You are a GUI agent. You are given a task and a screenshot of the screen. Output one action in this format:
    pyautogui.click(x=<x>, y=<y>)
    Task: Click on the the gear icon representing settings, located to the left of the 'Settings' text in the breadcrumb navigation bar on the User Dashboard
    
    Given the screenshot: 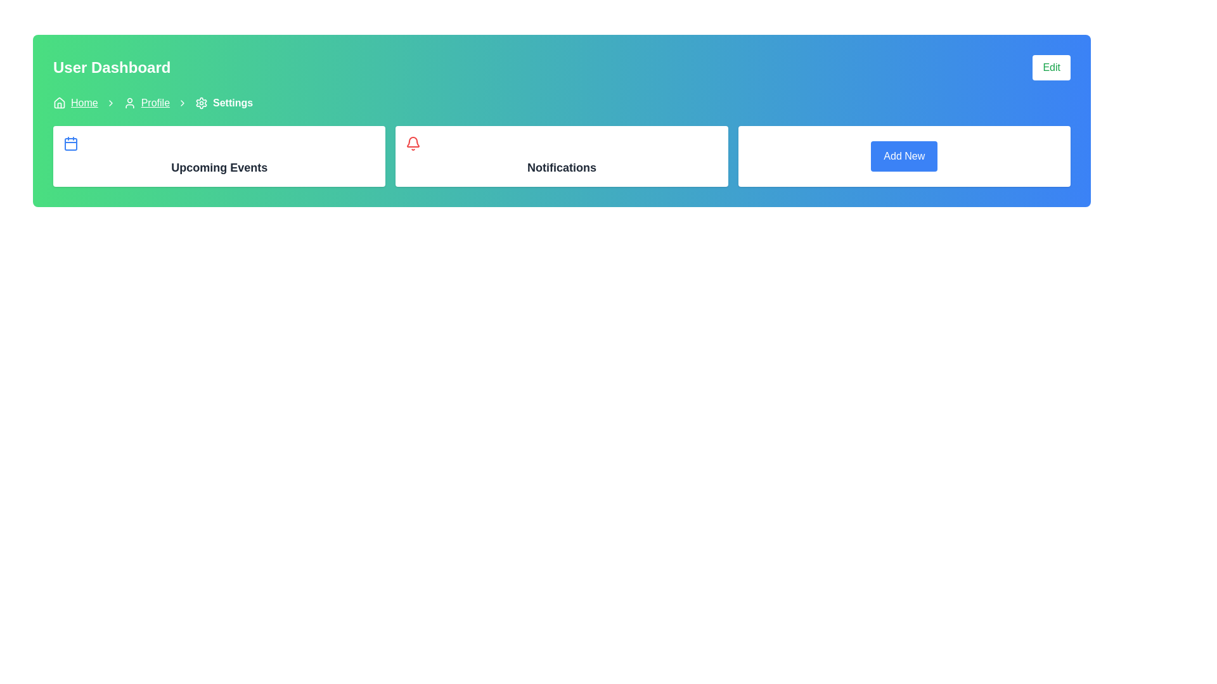 What is the action you would take?
    pyautogui.click(x=201, y=102)
    